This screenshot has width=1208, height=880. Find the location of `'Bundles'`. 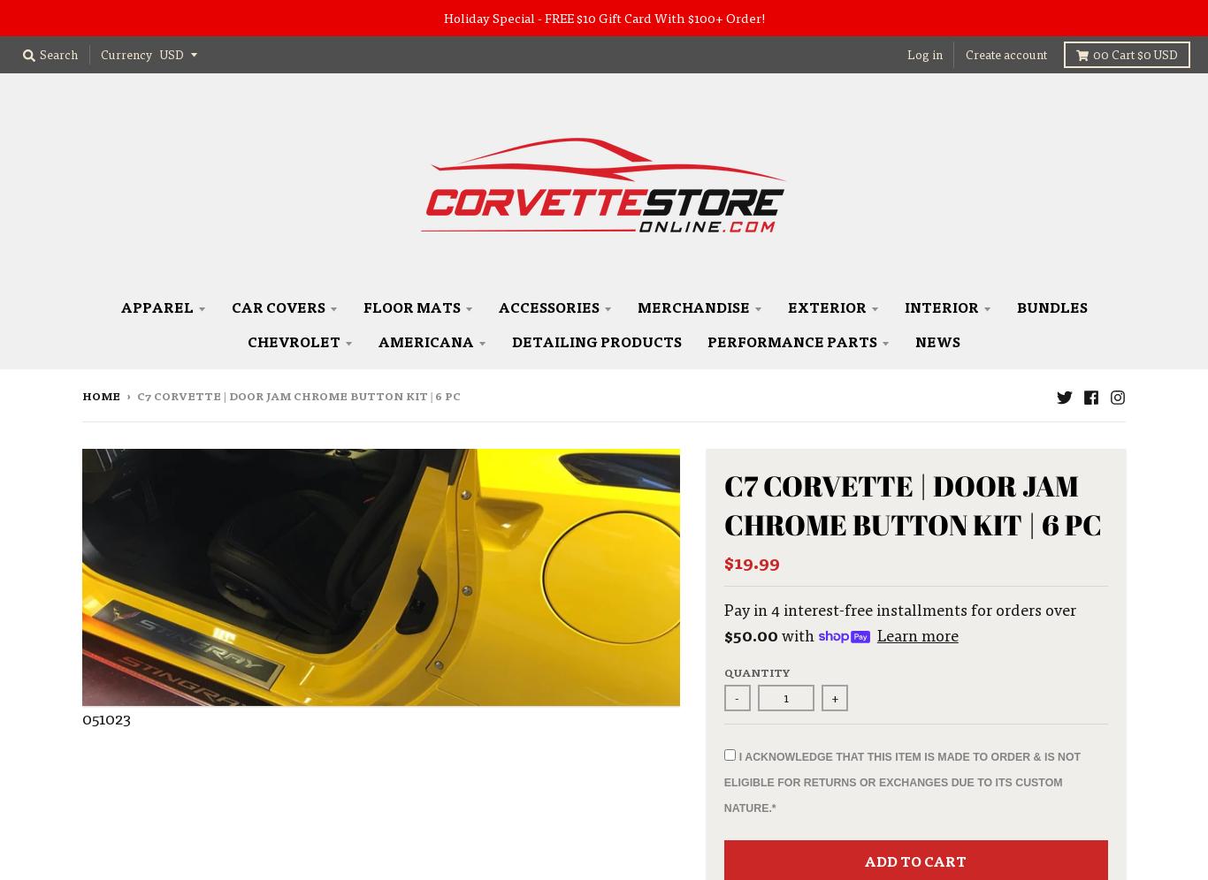

'Bundles' is located at coordinates (1051, 306).